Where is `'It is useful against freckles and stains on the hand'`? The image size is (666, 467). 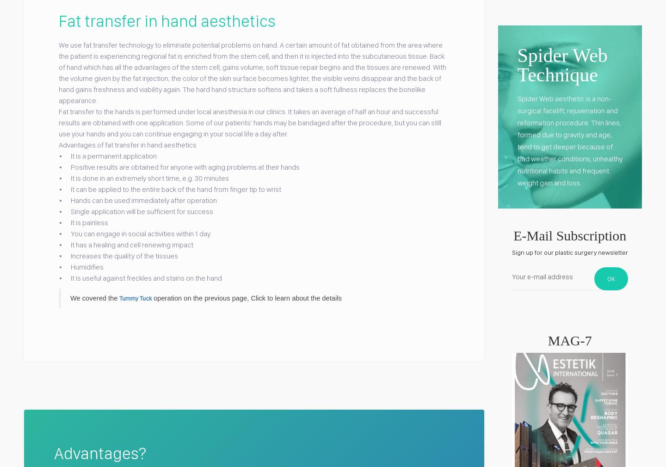 'It is useful against freckles and stains on the hand' is located at coordinates (143, 277).